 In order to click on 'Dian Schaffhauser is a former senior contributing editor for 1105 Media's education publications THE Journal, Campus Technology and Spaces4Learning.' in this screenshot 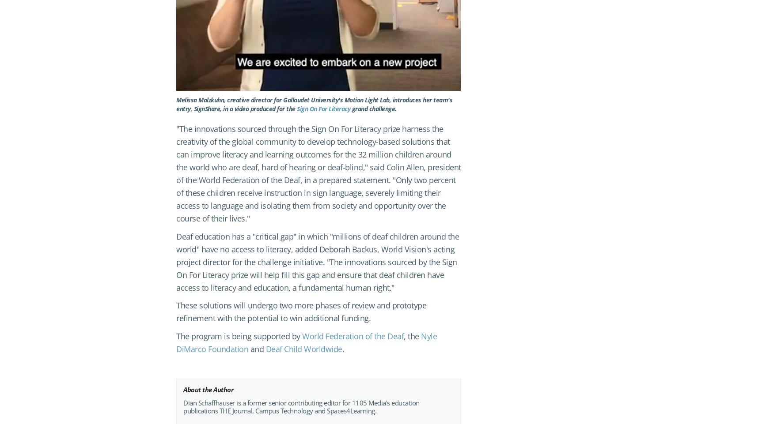, I will do `click(301, 406)`.